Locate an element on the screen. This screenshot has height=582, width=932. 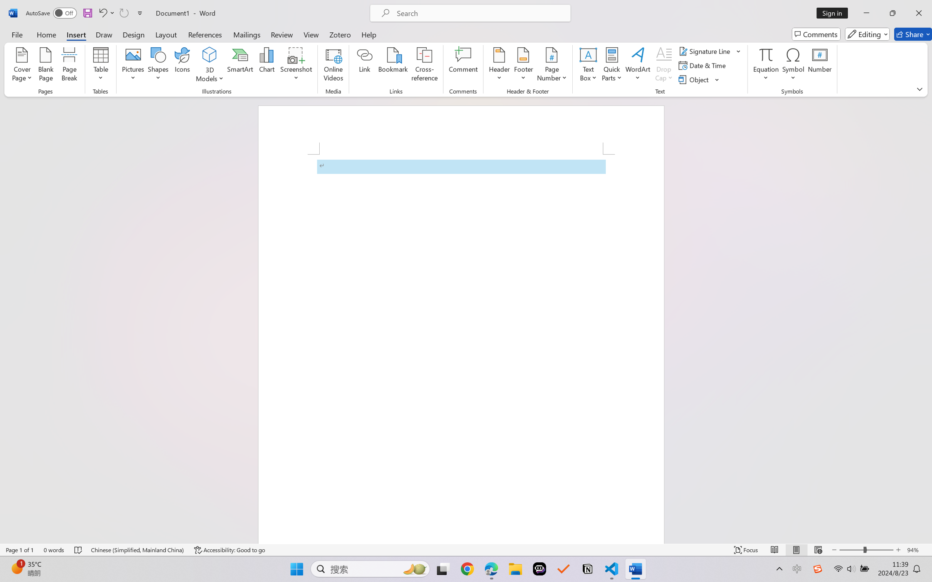
'Object...' is located at coordinates (699, 80).